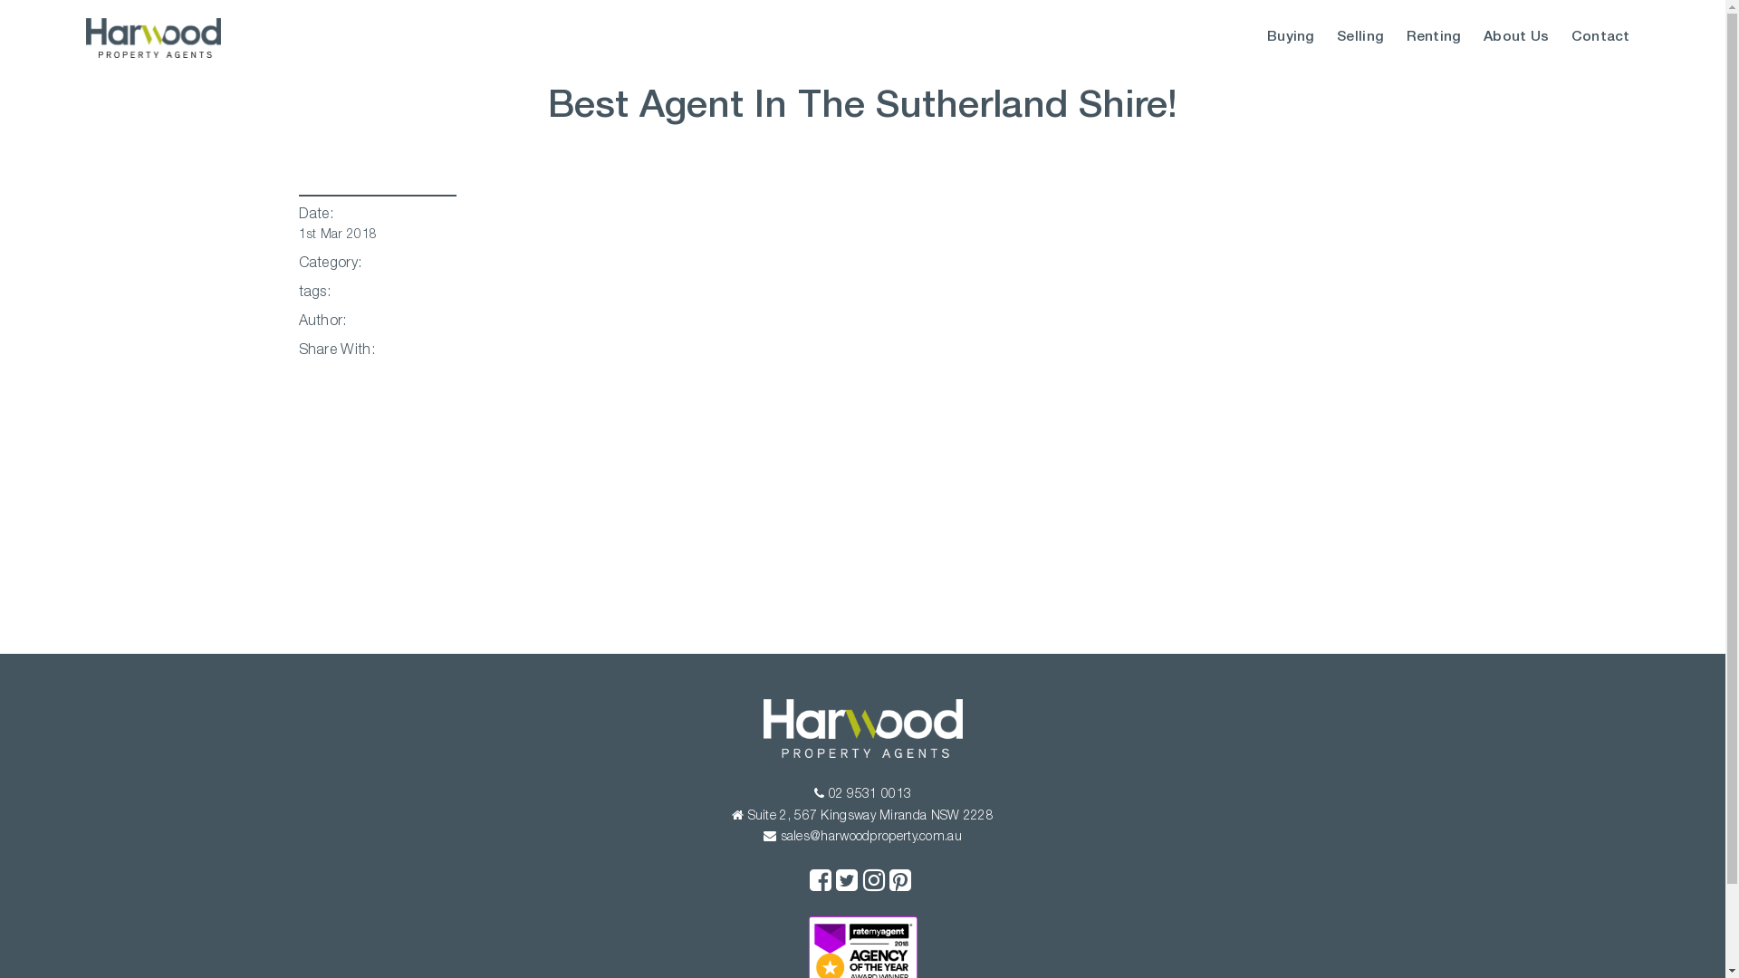 This screenshot has height=978, width=1739. Describe the element at coordinates (846, 882) in the screenshot. I see `'Twitter'` at that location.